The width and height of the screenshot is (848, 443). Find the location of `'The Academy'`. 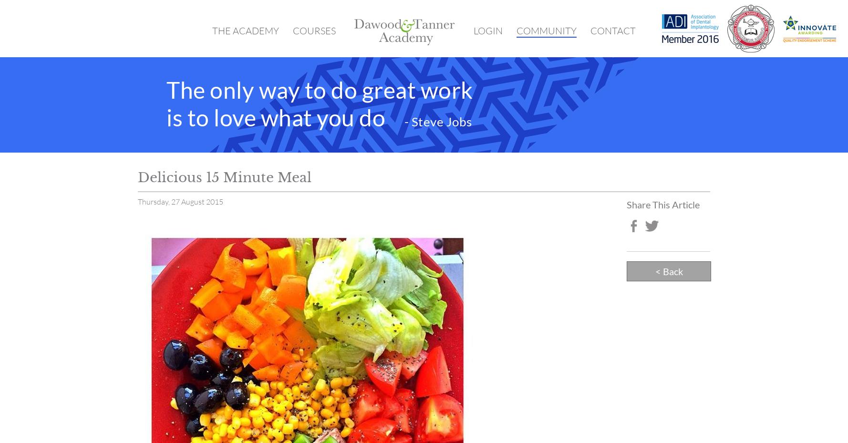

'The Academy' is located at coordinates (246, 30).